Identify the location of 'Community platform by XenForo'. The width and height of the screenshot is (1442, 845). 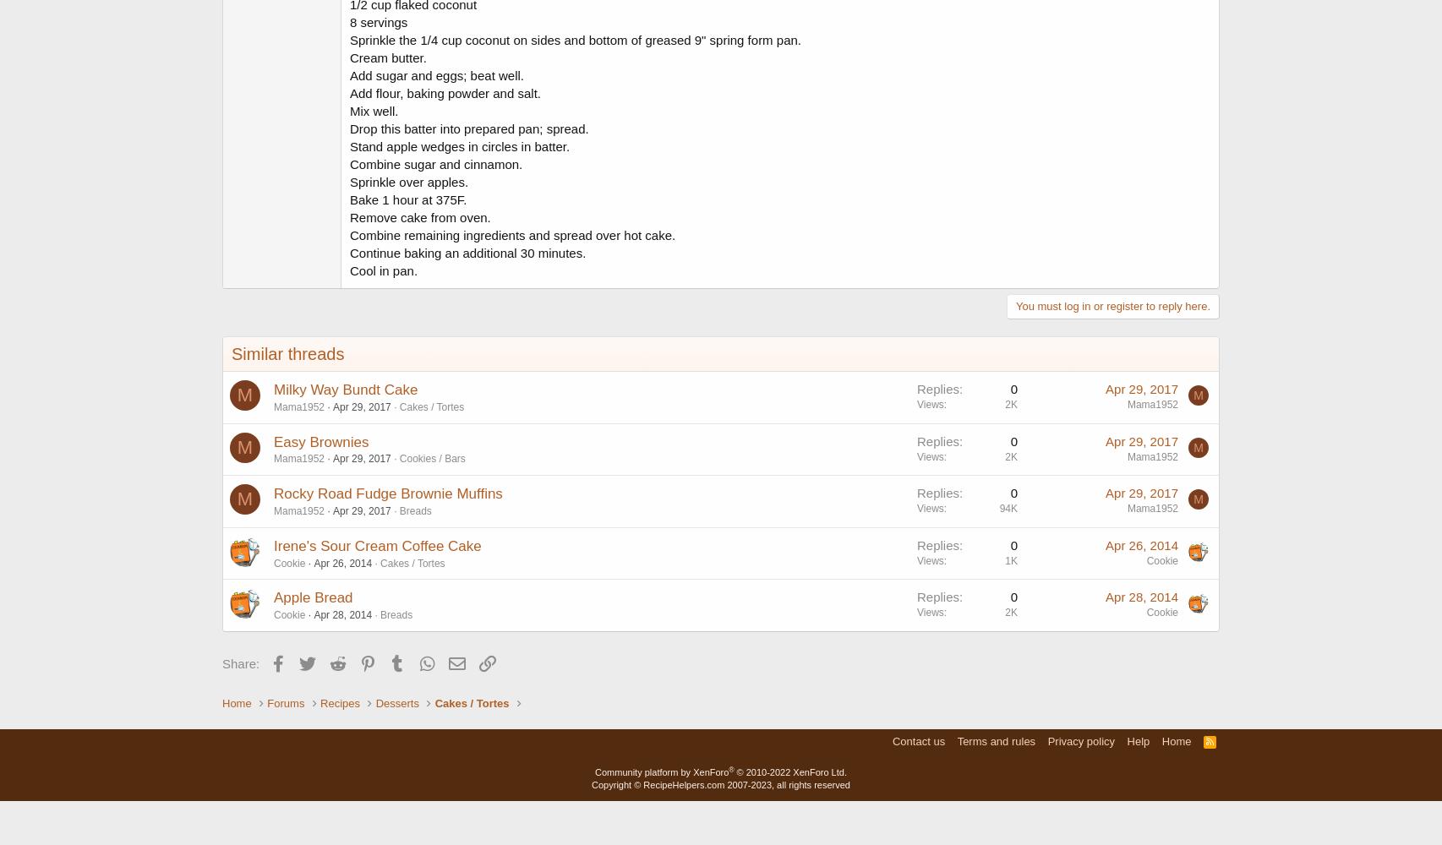
(661, 771).